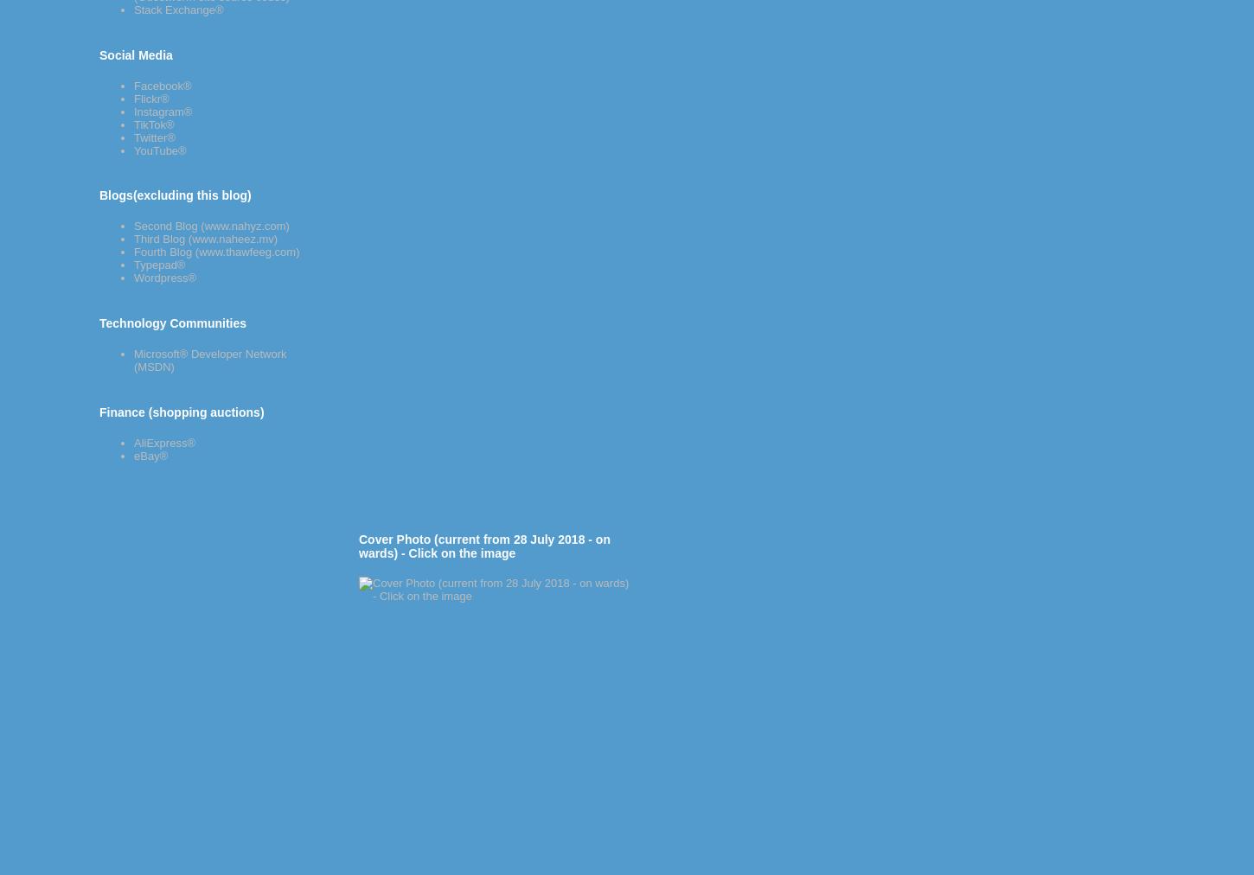  I want to click on 'Finance (shopping auctions)', so click(180, 412).